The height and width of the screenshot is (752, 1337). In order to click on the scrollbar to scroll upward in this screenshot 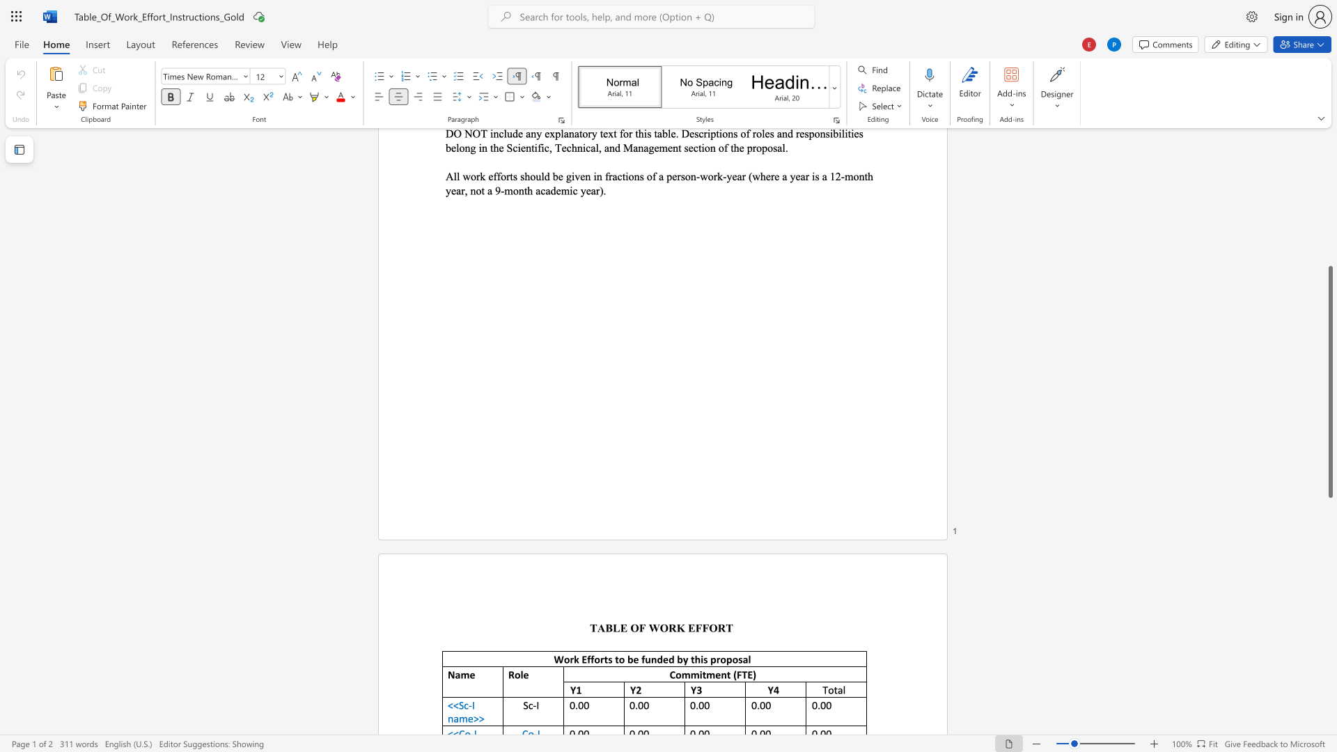, I will do `click(1329, 243)`.